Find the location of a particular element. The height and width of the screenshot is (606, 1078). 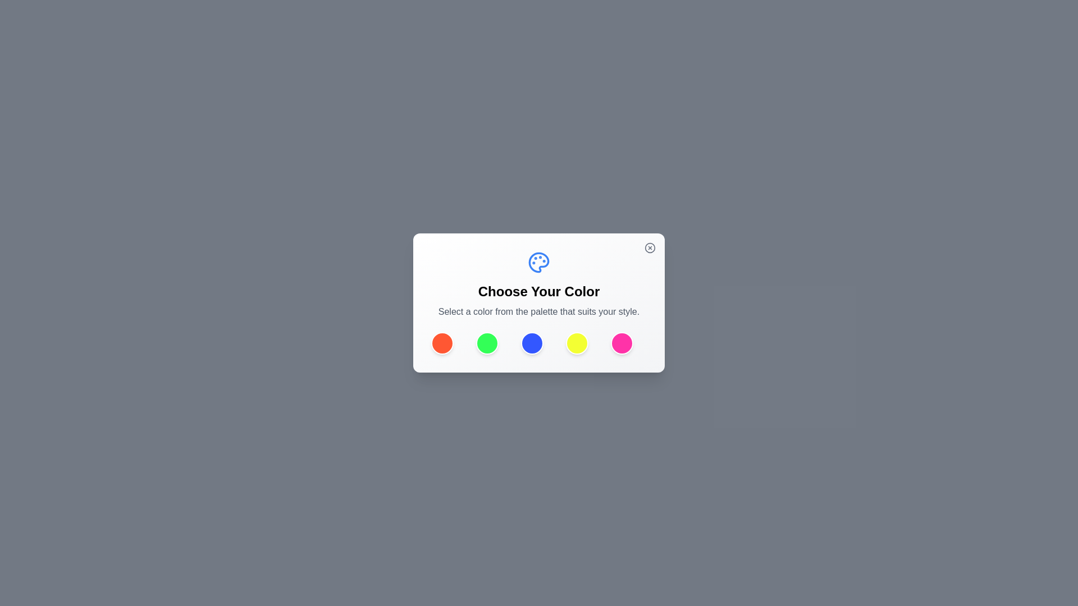

the color button corresponding to red is located at coordinates (441, 343).